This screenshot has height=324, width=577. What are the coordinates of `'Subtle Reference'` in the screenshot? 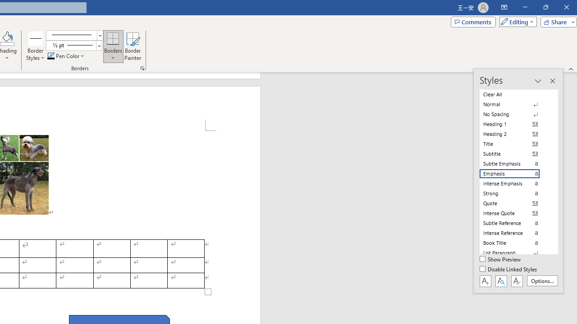 It's located at (515, 223).